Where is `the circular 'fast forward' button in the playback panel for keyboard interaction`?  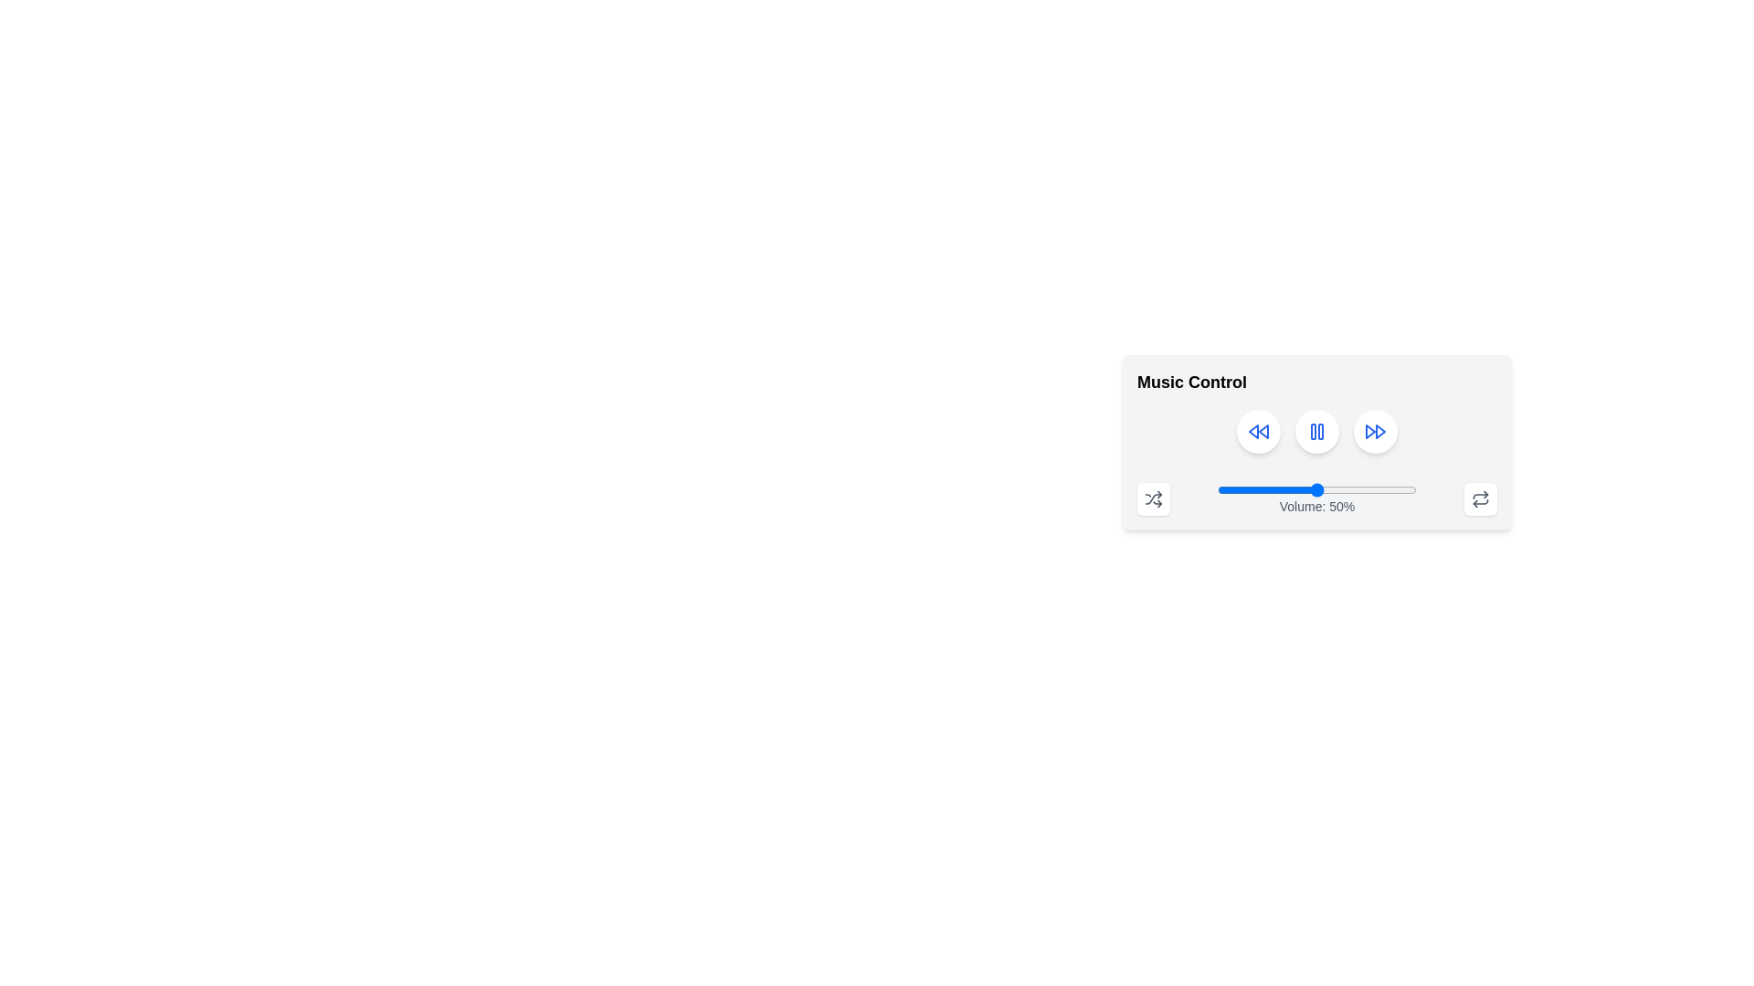 the circular 'fast forward' button in the playback panel for keyboard interaction is located at coordinates (1376, 432).